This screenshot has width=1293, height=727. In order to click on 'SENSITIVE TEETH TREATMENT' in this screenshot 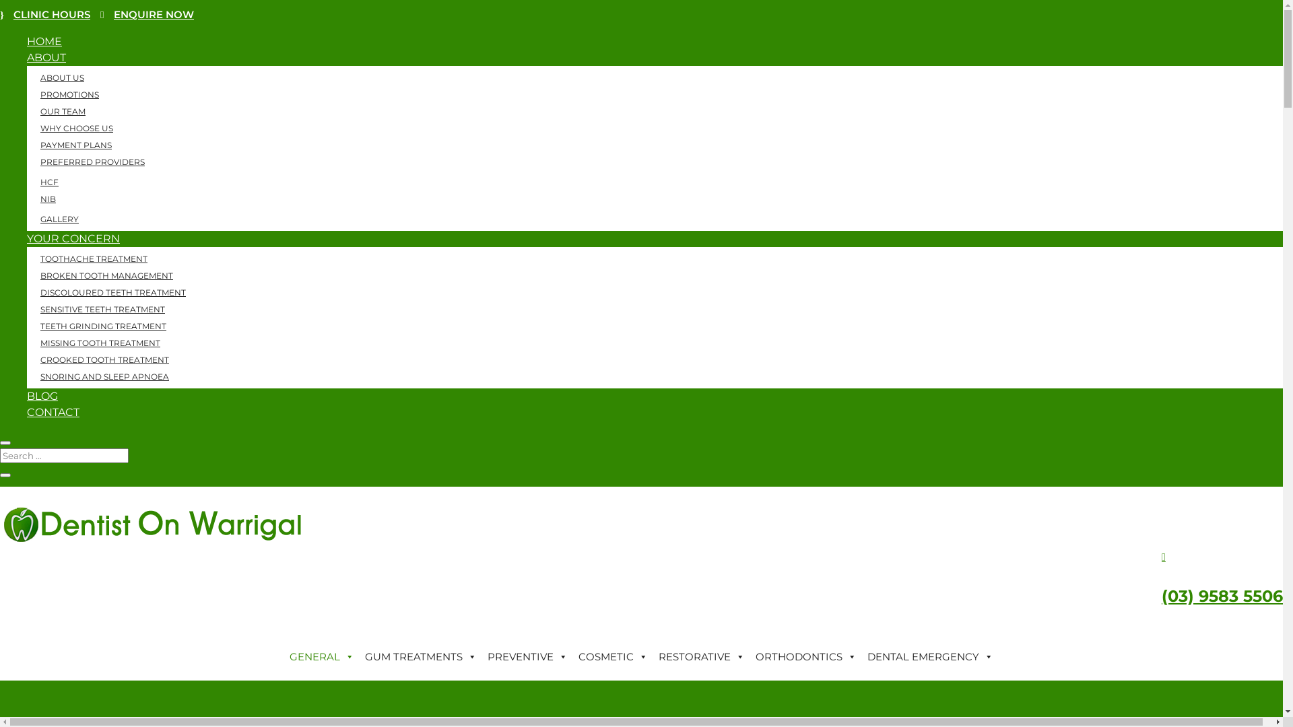, I will do `click(102, 309)`.